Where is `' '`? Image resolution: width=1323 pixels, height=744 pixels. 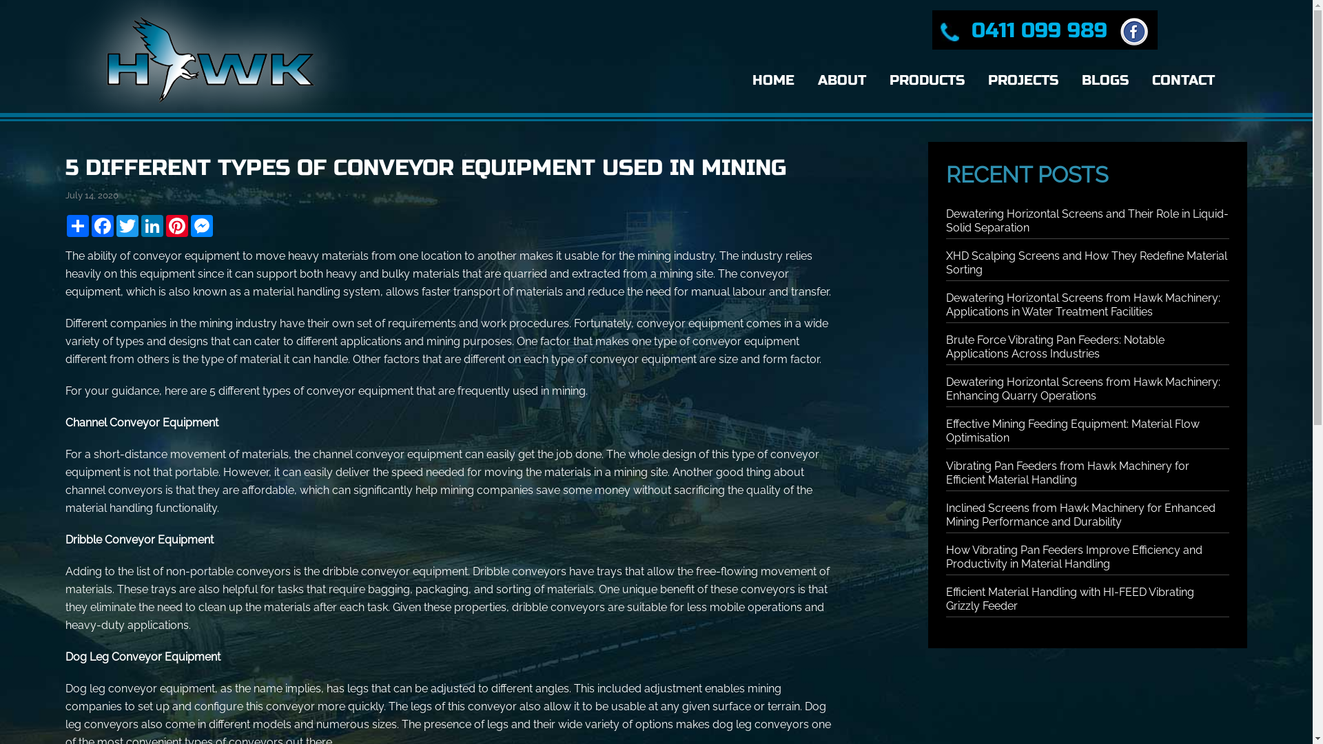 ' ' is located at coordinates (1131, 30).